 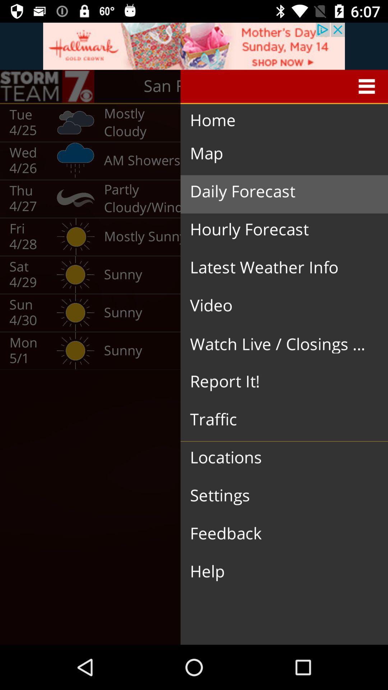 What do you see at coordinates (278, 457) in the screenshot?
I see `the locations icon` at bounding box center [278, 457].